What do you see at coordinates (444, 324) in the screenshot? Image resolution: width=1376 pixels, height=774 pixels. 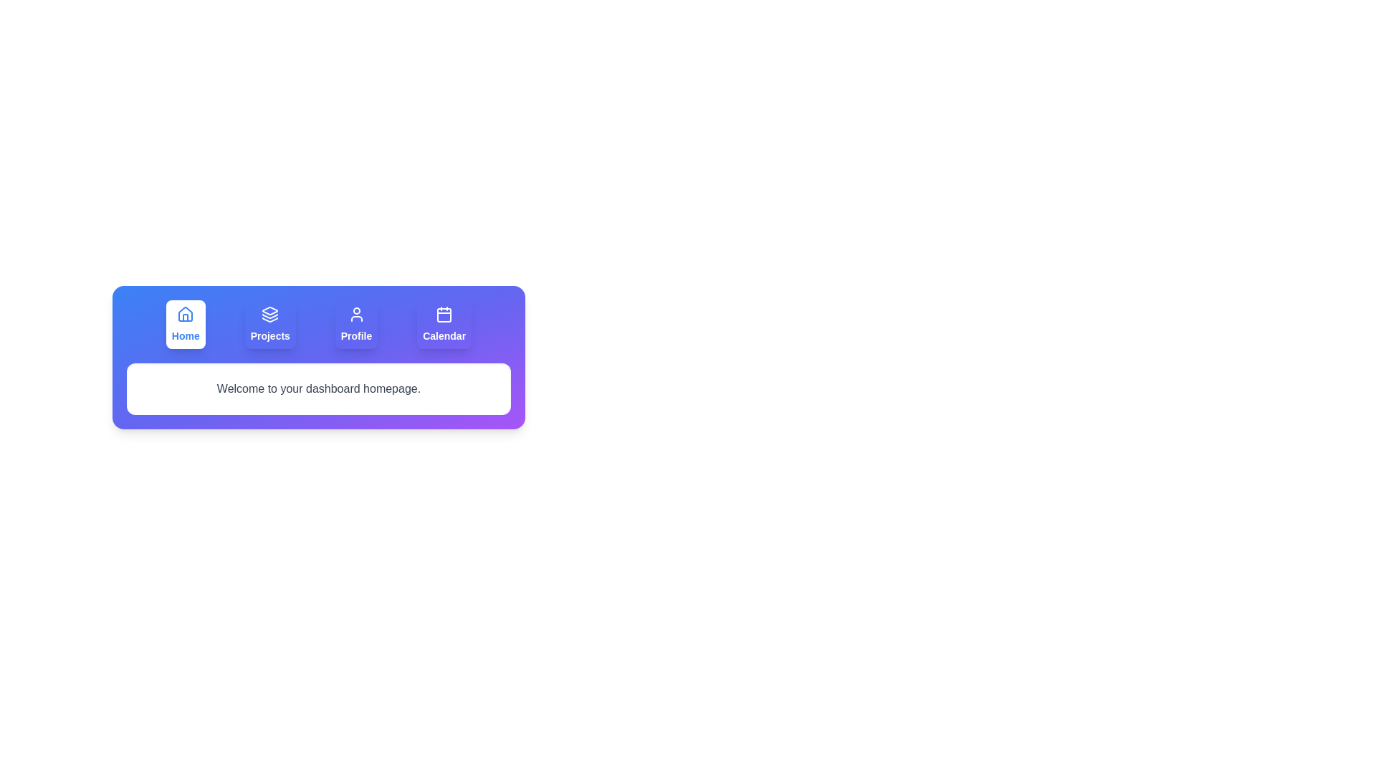 I see `the tab labeled Calendar to view its content` at bounding box center [444, 324].